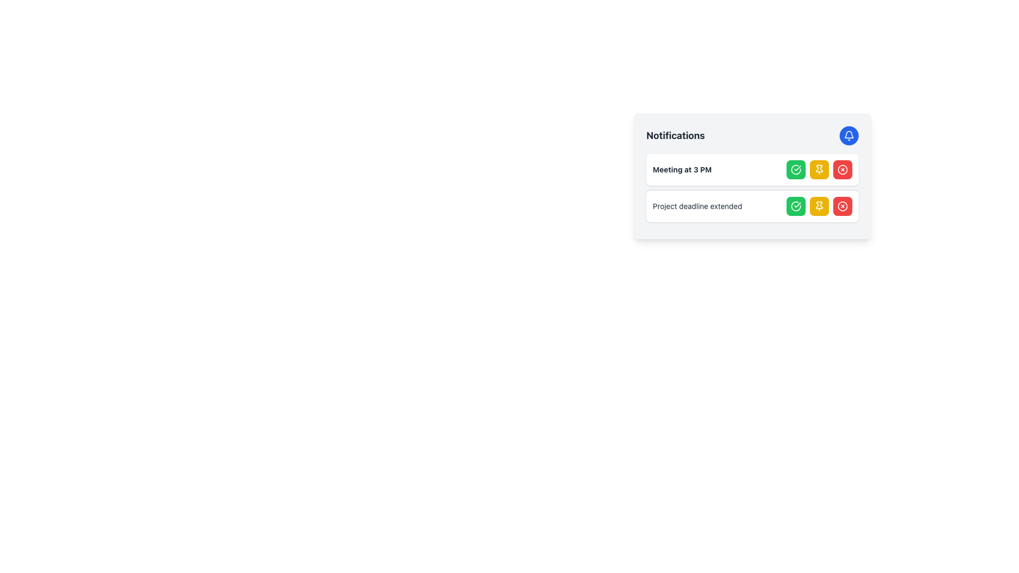 This screenshot has height=573, width=1019. What do you see at coordinates (819, 167) in the screenshot?
I see `the yellow pin-shaped SVG icon located to the right of the text 'Meeting at 3 PM' within the notifications panel to pin the notification` at bounding box center [819, 167].